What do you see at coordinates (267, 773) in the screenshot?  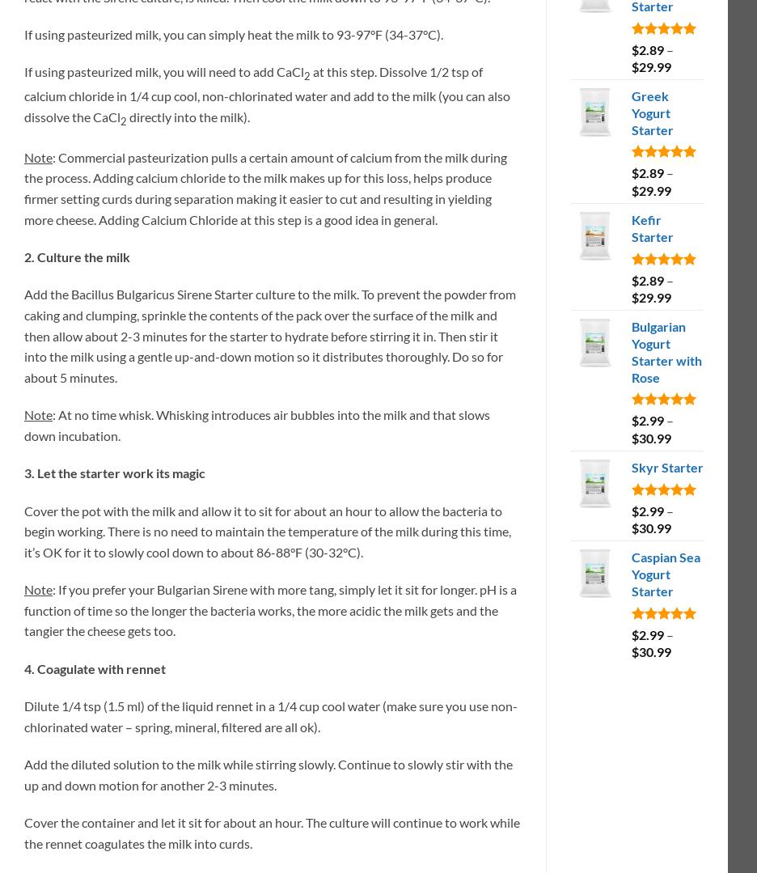 I see `'Add the diluted solution to the milk while stirring slowly. Continue to slowly stir with the up and down motion for another 2-3 minutes.'` at bounding box center [267, 773].